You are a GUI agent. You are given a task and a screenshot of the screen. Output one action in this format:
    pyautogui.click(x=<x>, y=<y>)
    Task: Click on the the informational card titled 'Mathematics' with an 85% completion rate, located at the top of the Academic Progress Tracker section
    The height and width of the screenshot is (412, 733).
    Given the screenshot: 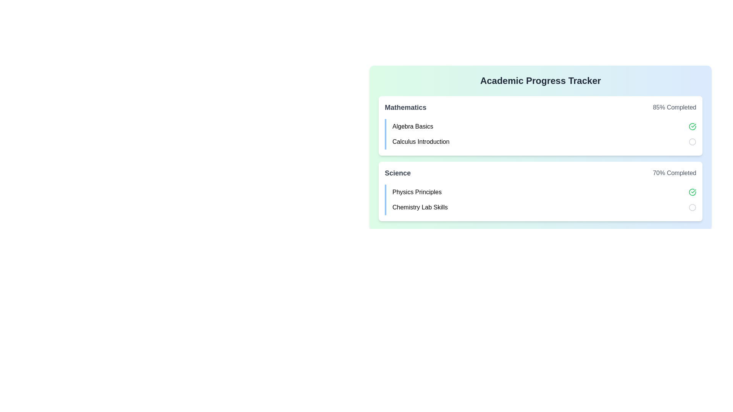 What is the action you would take?
    pyautogui.click(x=540, y=126)
    